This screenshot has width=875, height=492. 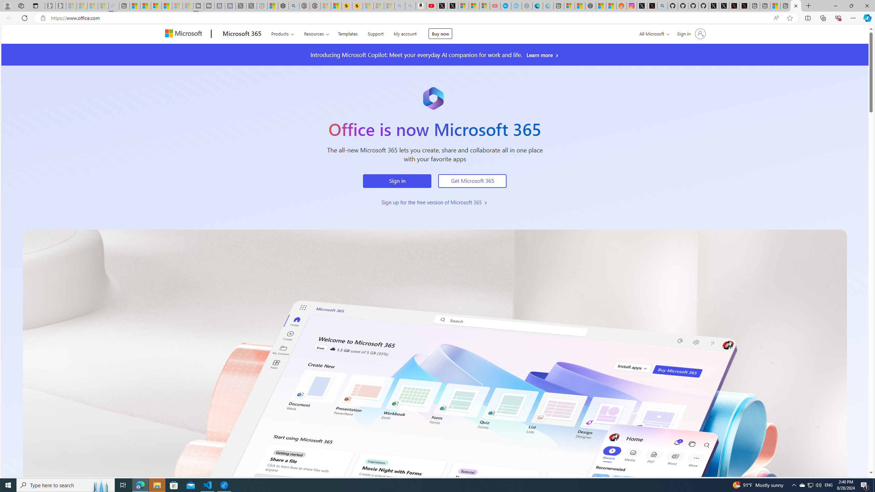 What do you see at coordinates (744, 5) in the screenshot?
I see `'X Privacy Policy'` at bounding box center [744, 5].